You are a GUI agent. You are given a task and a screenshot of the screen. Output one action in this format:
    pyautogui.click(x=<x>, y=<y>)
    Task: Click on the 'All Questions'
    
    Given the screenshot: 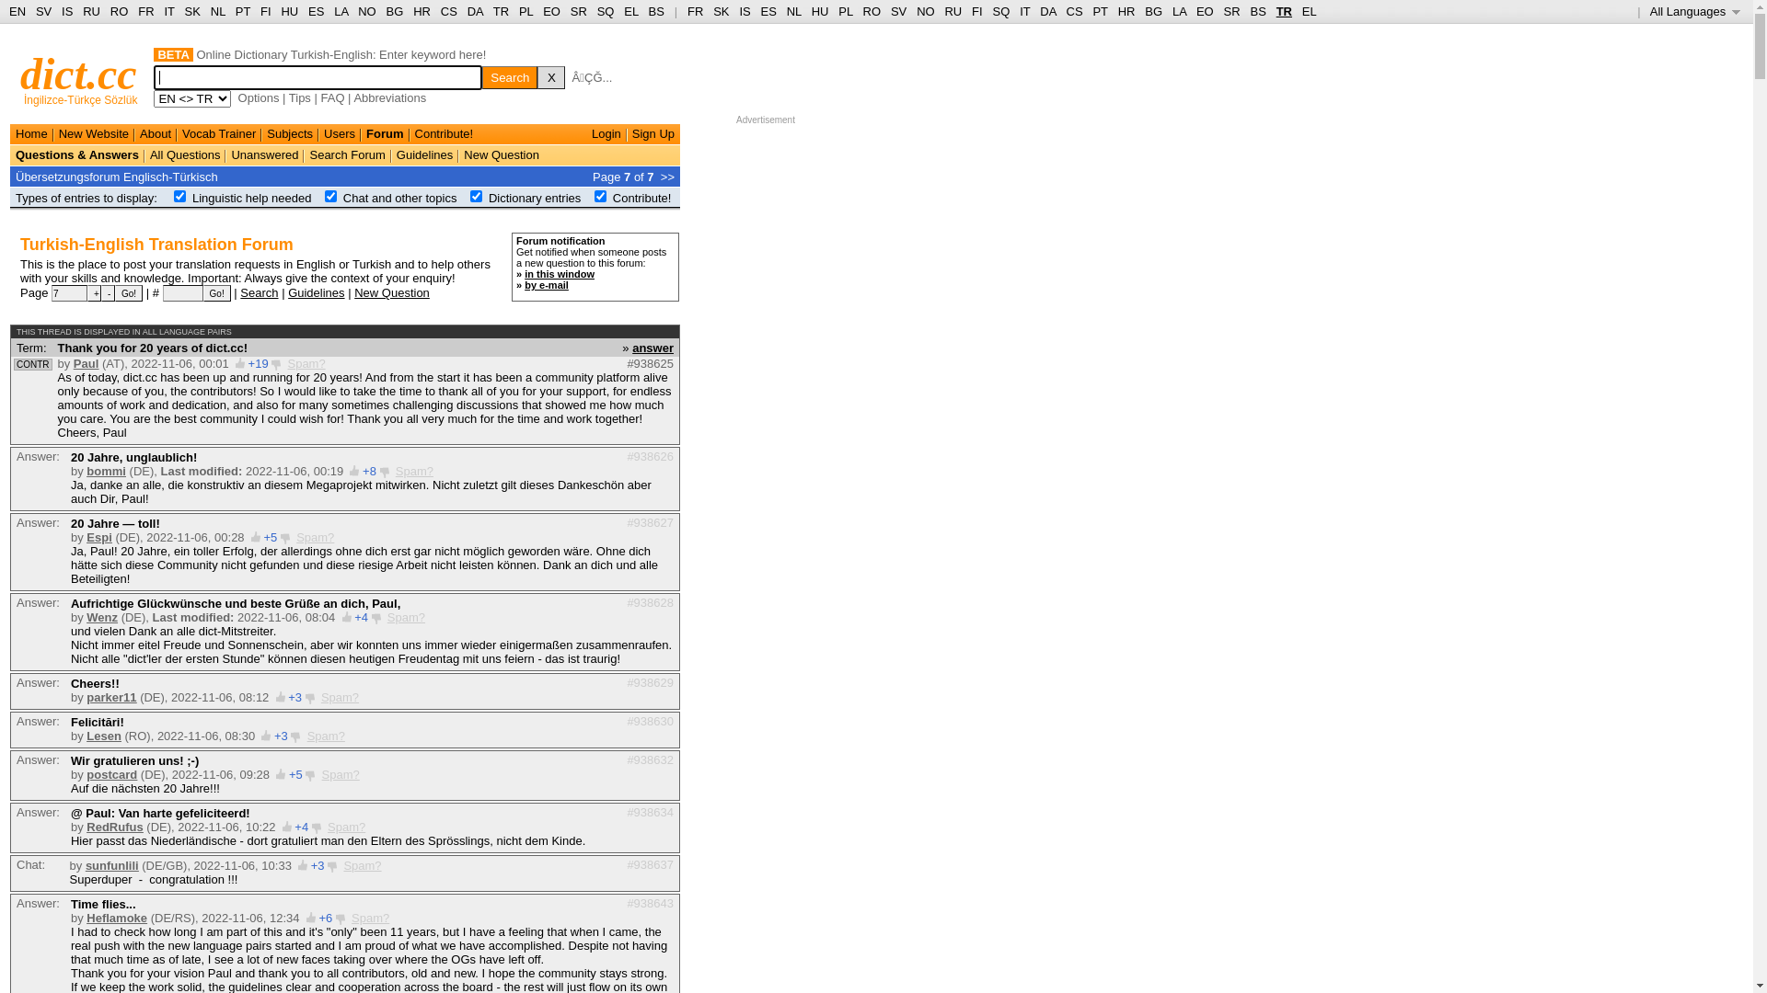 What is the action you would take?
    pyautogui.click(x=185, y=154)
    